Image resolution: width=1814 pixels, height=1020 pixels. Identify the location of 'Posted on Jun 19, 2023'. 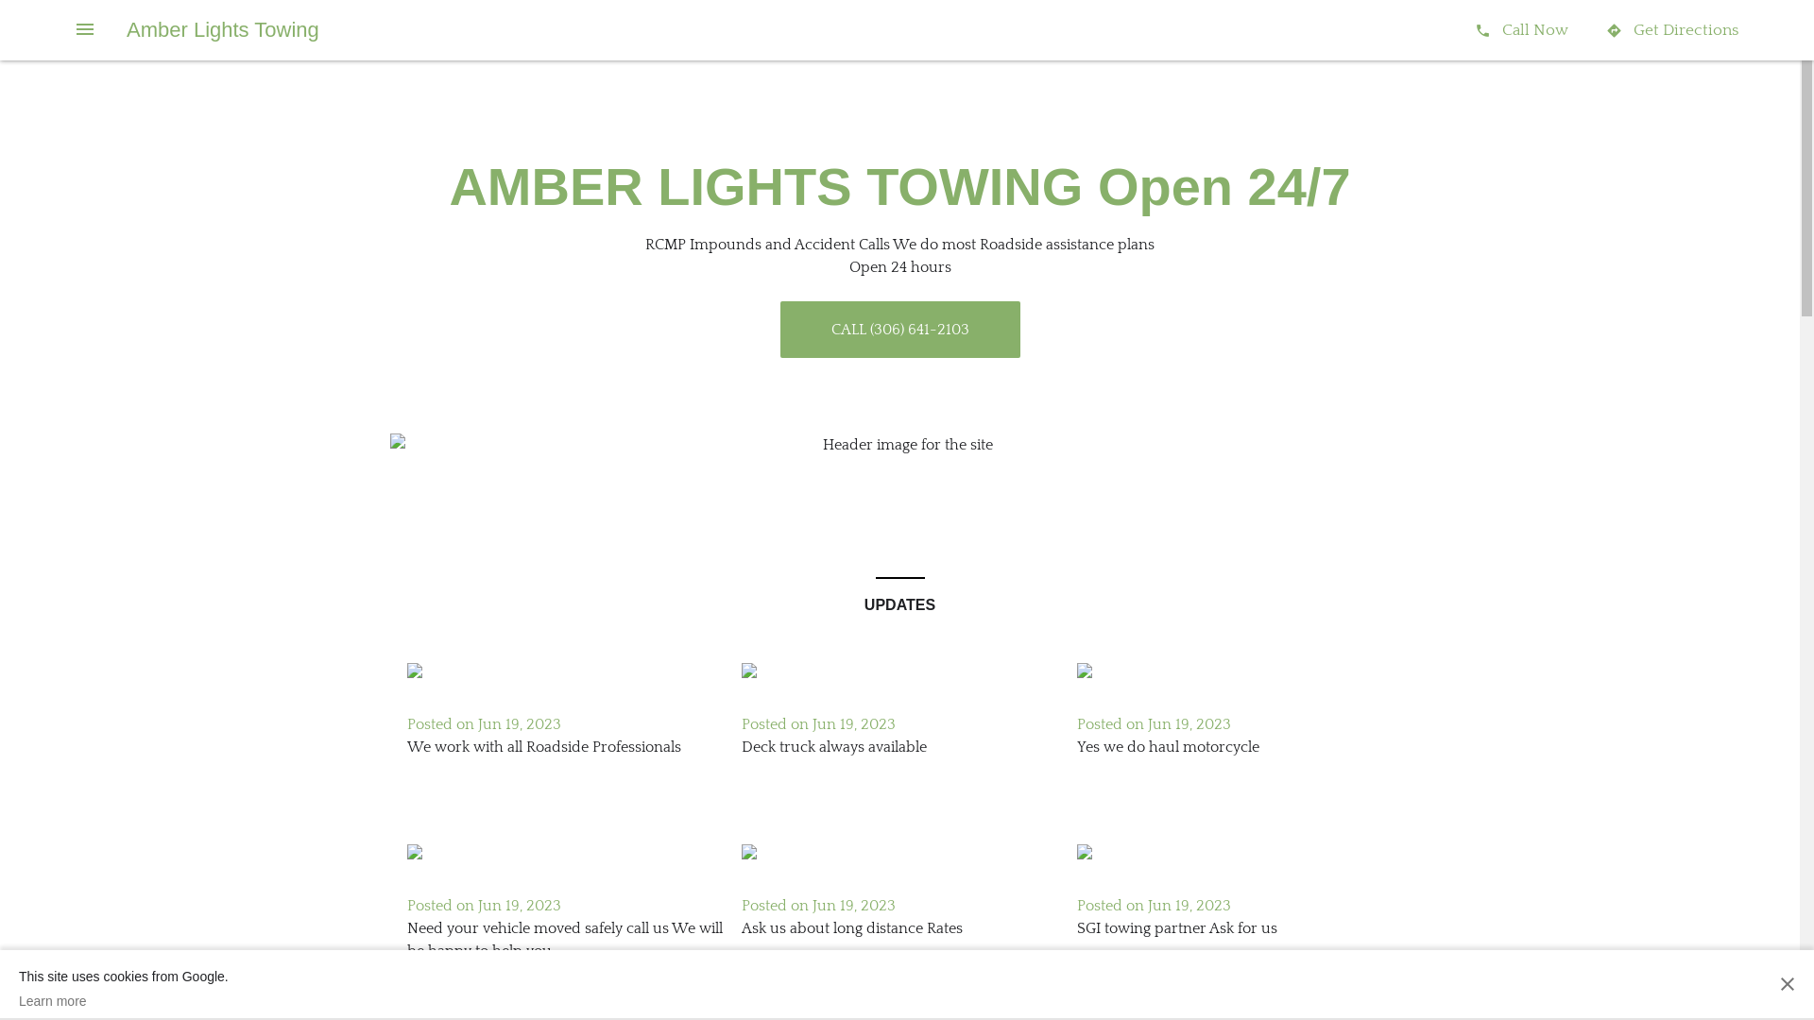
(1153, 905).